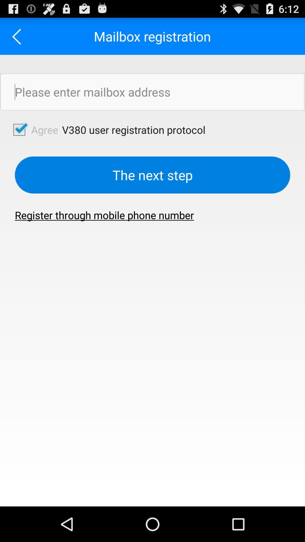  What do you see at coordinates (104, 215) in the screenshot?
I see `the item at the center` at bounding box center [104, 215].